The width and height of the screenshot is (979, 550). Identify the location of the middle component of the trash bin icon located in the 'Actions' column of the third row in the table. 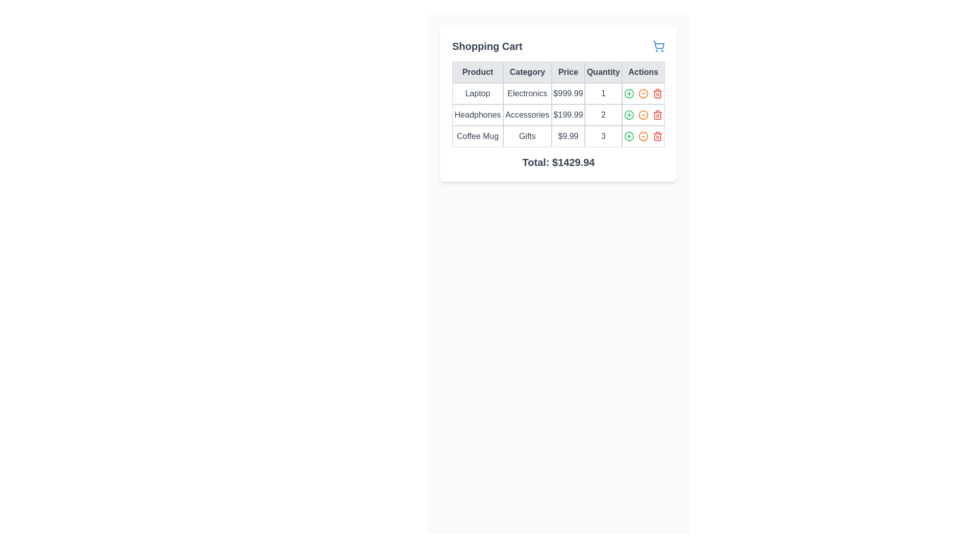
(657, 94).